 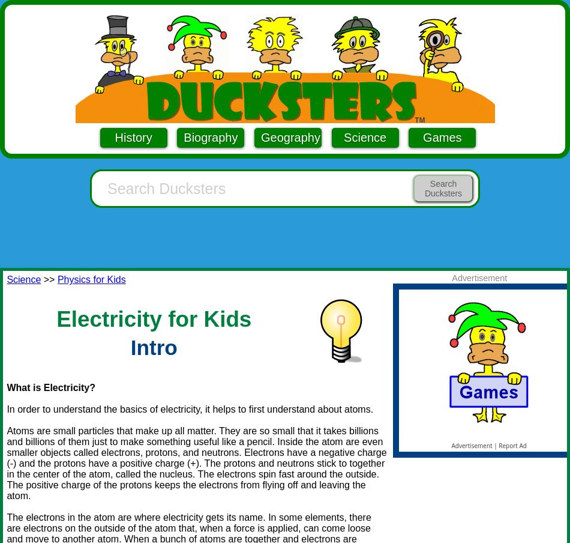 I want to click on 'Electricity for Kids', so click(x=153, y=319).